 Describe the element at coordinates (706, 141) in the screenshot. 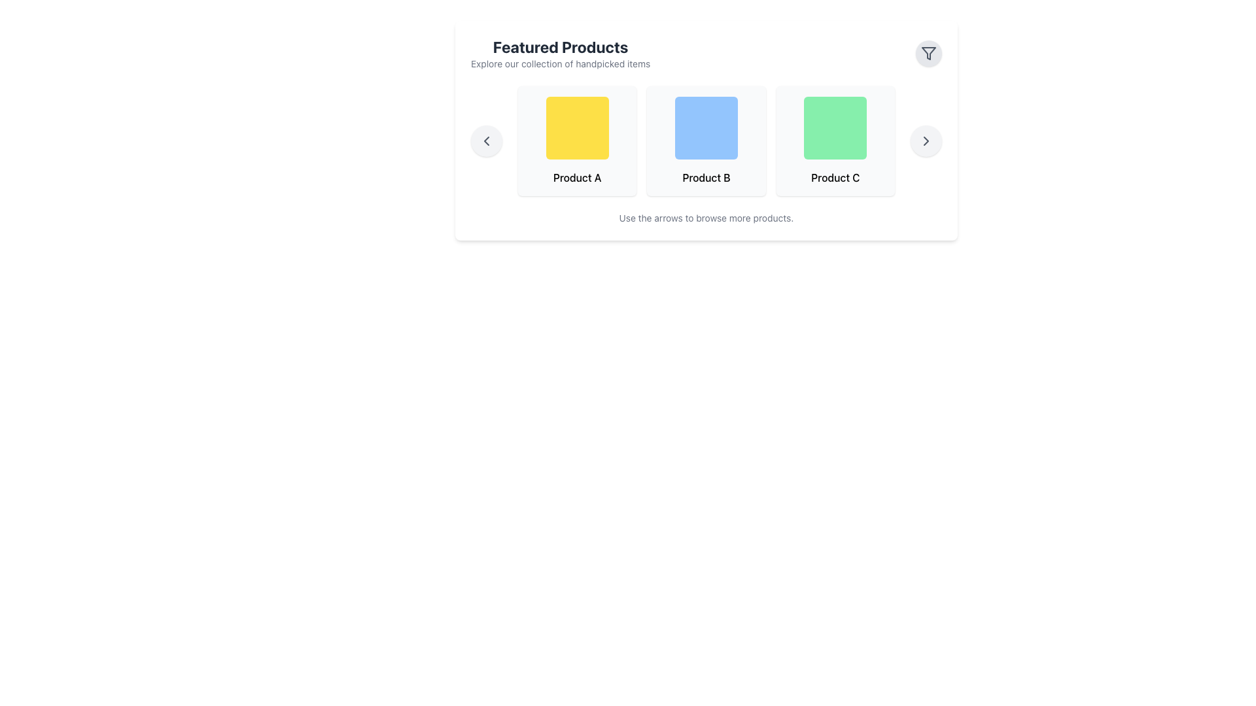

I see `the Grid Layout showcasing featured products, positioned in the middle of the page below the 'Featured Products' heading` at that location.